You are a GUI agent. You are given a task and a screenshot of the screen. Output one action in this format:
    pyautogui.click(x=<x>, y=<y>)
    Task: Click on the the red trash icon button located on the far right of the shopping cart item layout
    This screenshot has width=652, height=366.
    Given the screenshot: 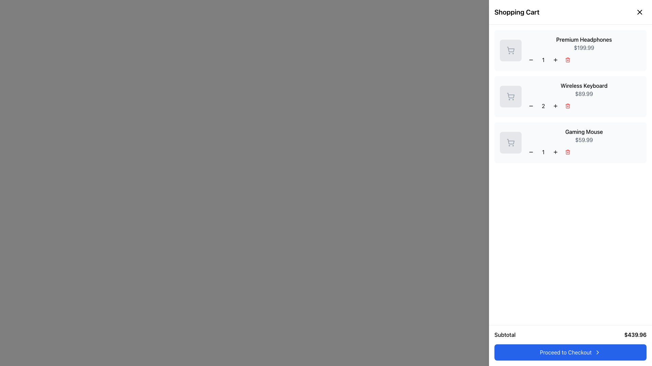 What is the action you would take?
    pyautogui.click(x=567, y=151)
    